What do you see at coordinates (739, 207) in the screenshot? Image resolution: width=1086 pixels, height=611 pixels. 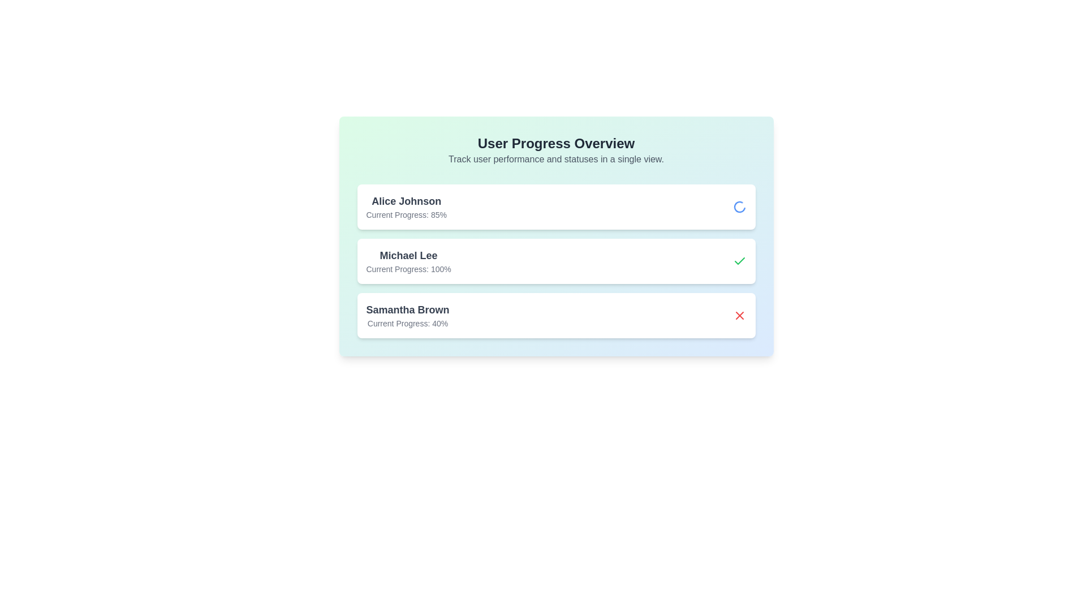 I see `the loading icon located in the top-right corner of the card containing 'Alice Johnson' and 'Current Progress: 85%'` at bounding box center [739, 207].